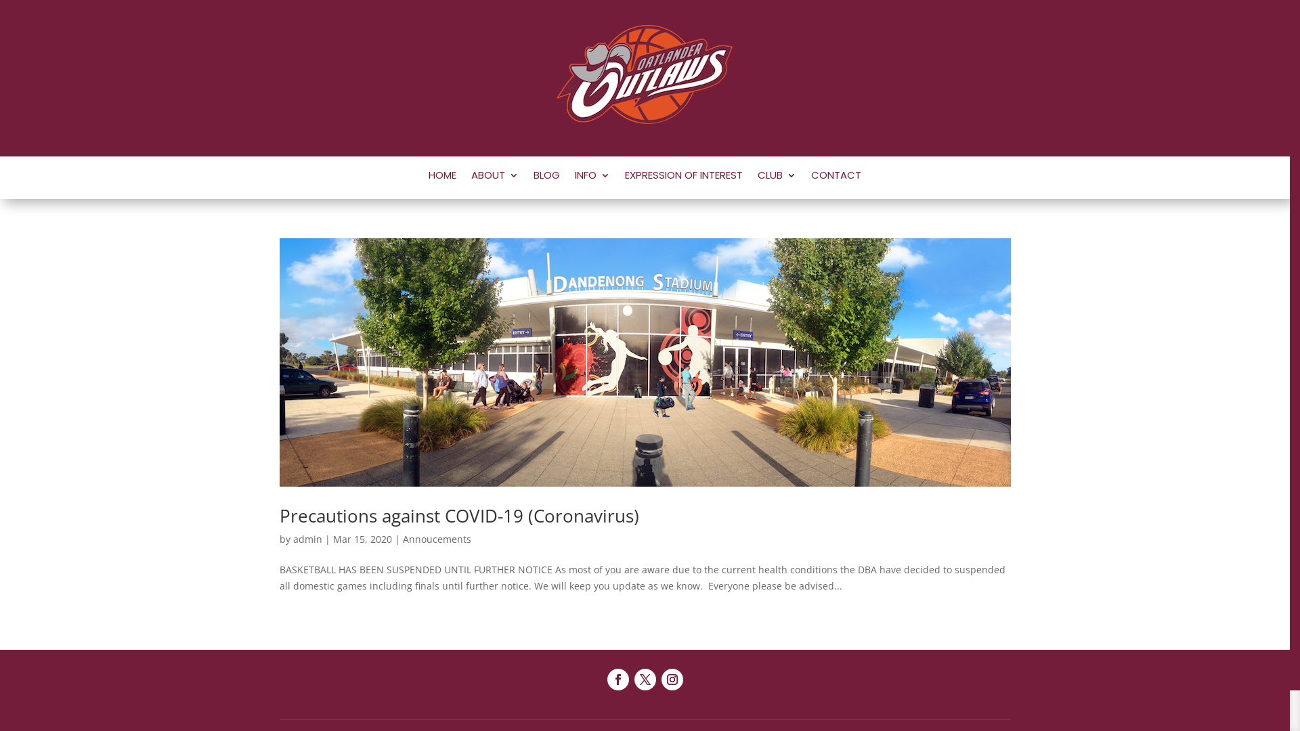  I want to click on 'CONTACT', so click(835, 177).